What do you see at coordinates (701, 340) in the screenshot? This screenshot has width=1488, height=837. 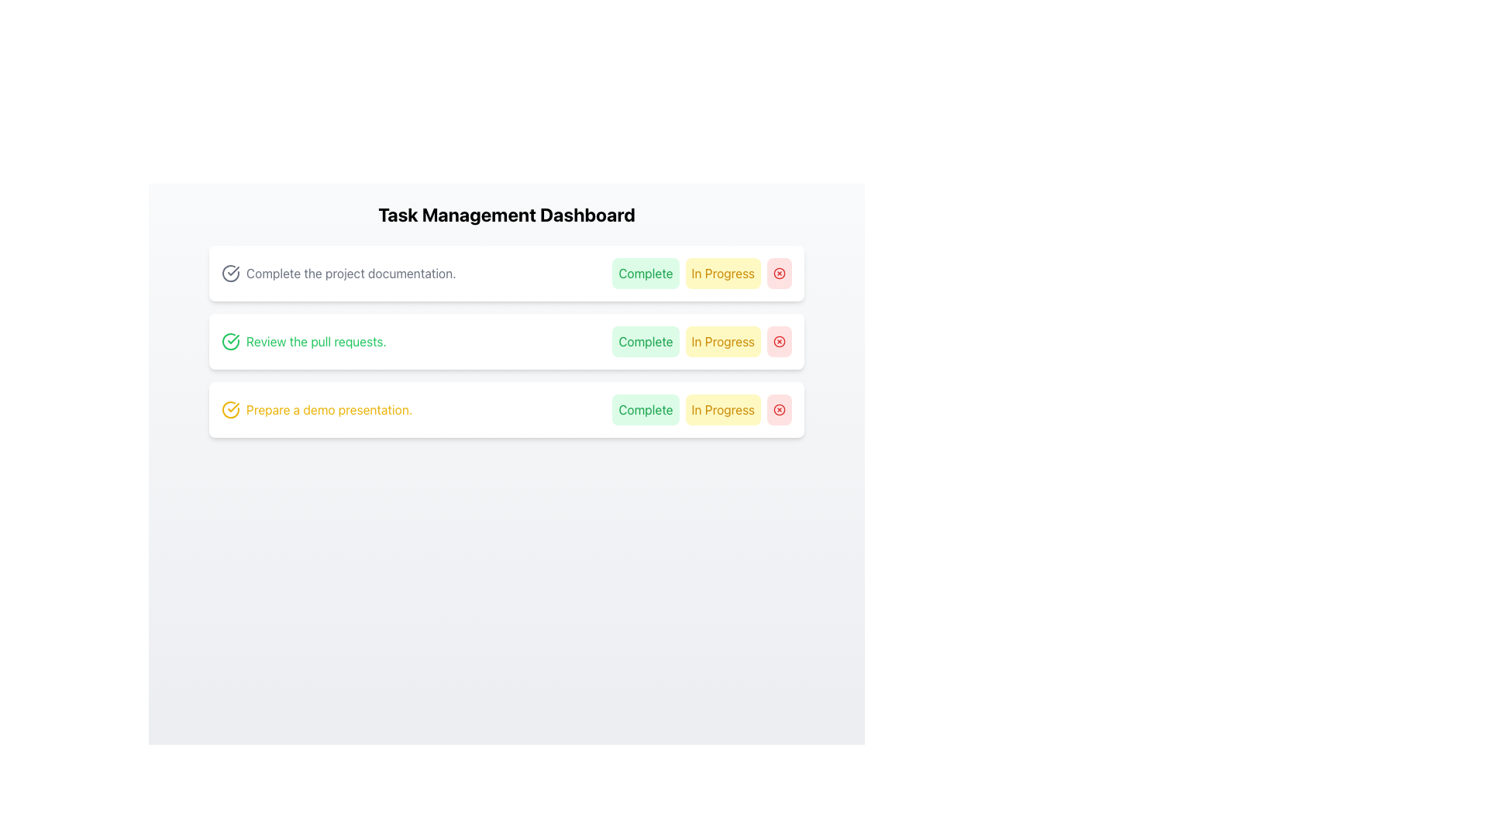 I see `the group of actionable buttons for the task 'Review the pull requests'` at bounding box center [701, 340].